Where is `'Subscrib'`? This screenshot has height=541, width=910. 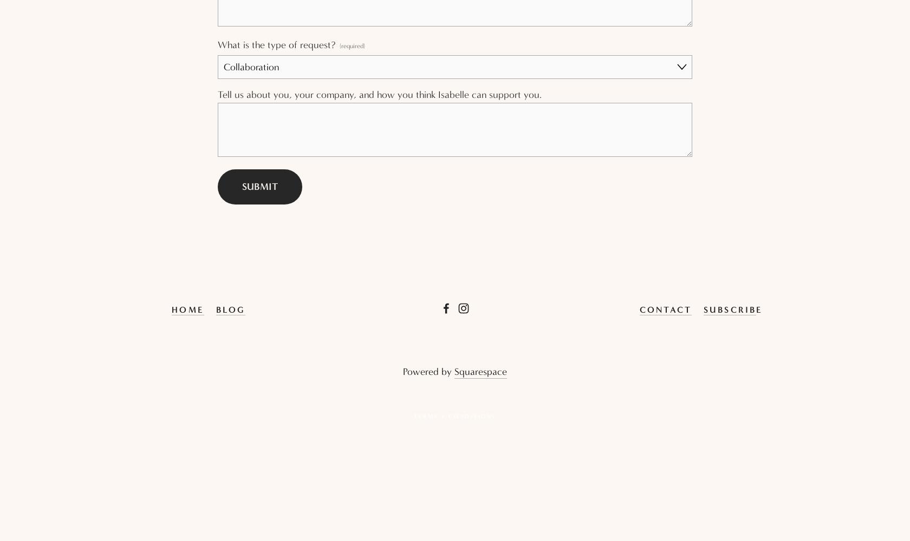
'Subscrib' is located at coordinates (730, 308).